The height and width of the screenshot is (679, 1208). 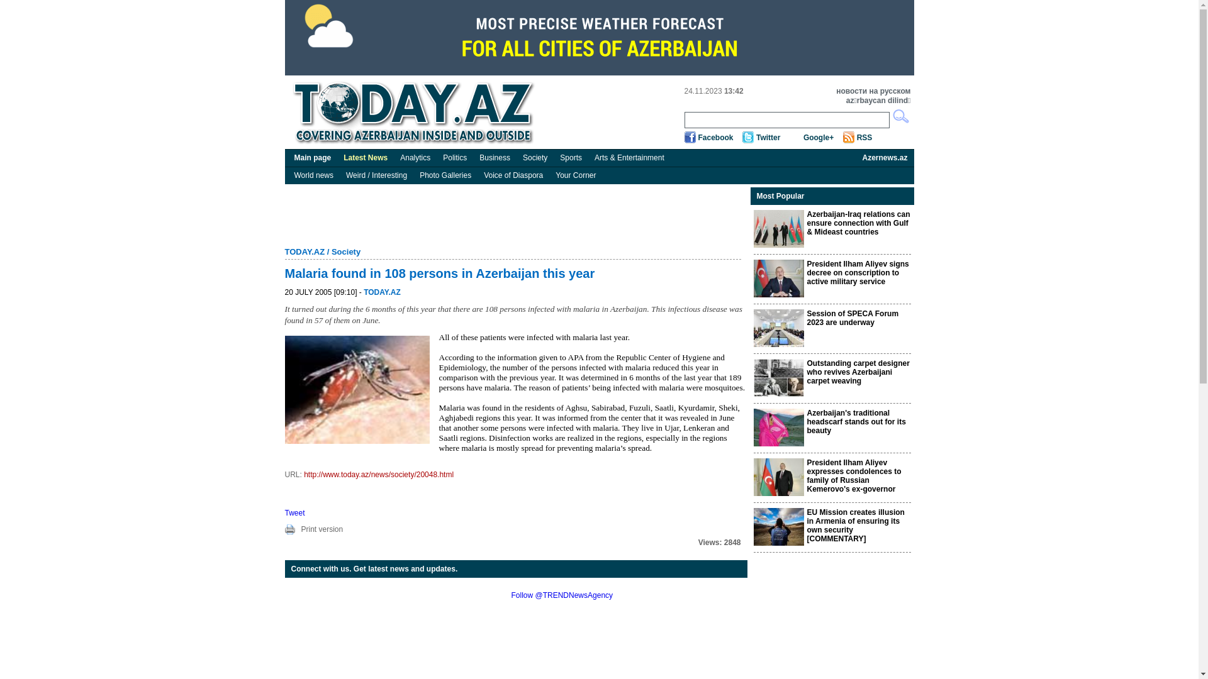 I want to click on 'Today.az', so click(x=417, y=113).